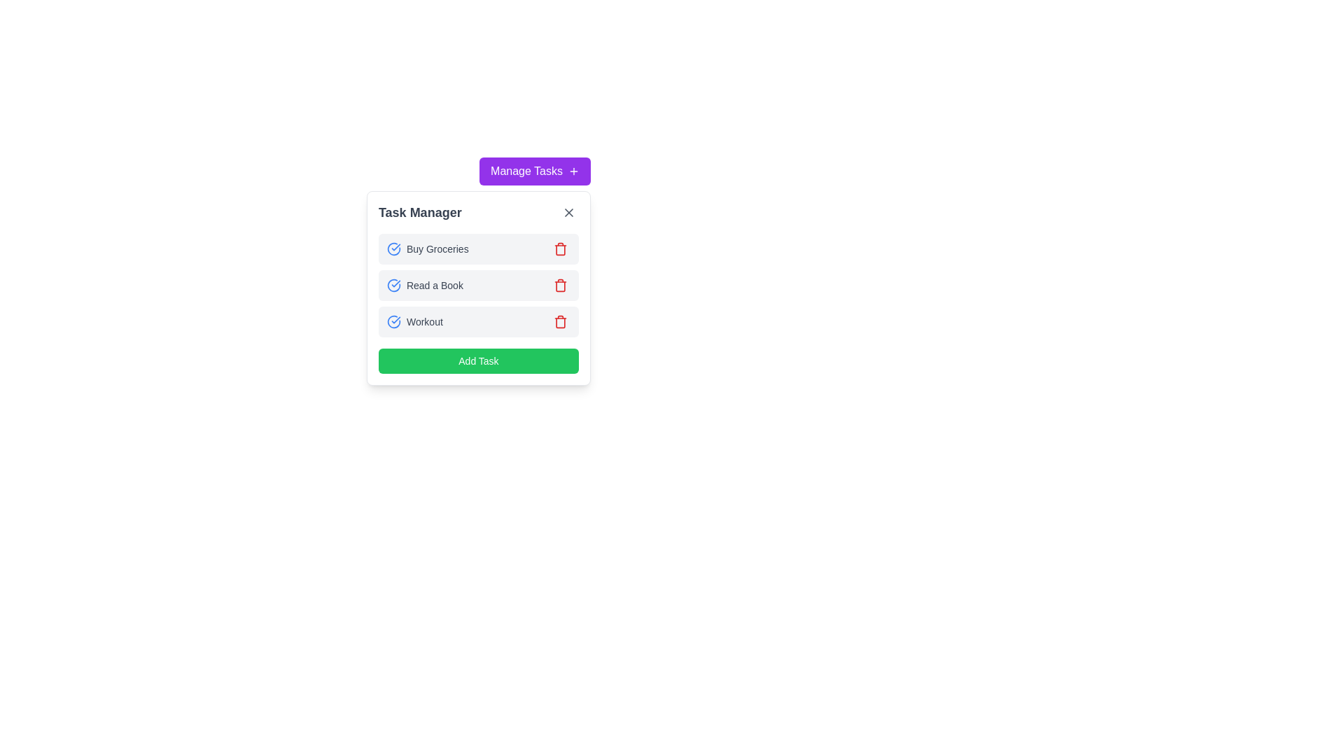 This screenshot has width=1344, height=756. I want to click on the completion icon for the 'Buy Groceries' task in the 'Task Manager' section for accessibility navigation, so click(393, 248).